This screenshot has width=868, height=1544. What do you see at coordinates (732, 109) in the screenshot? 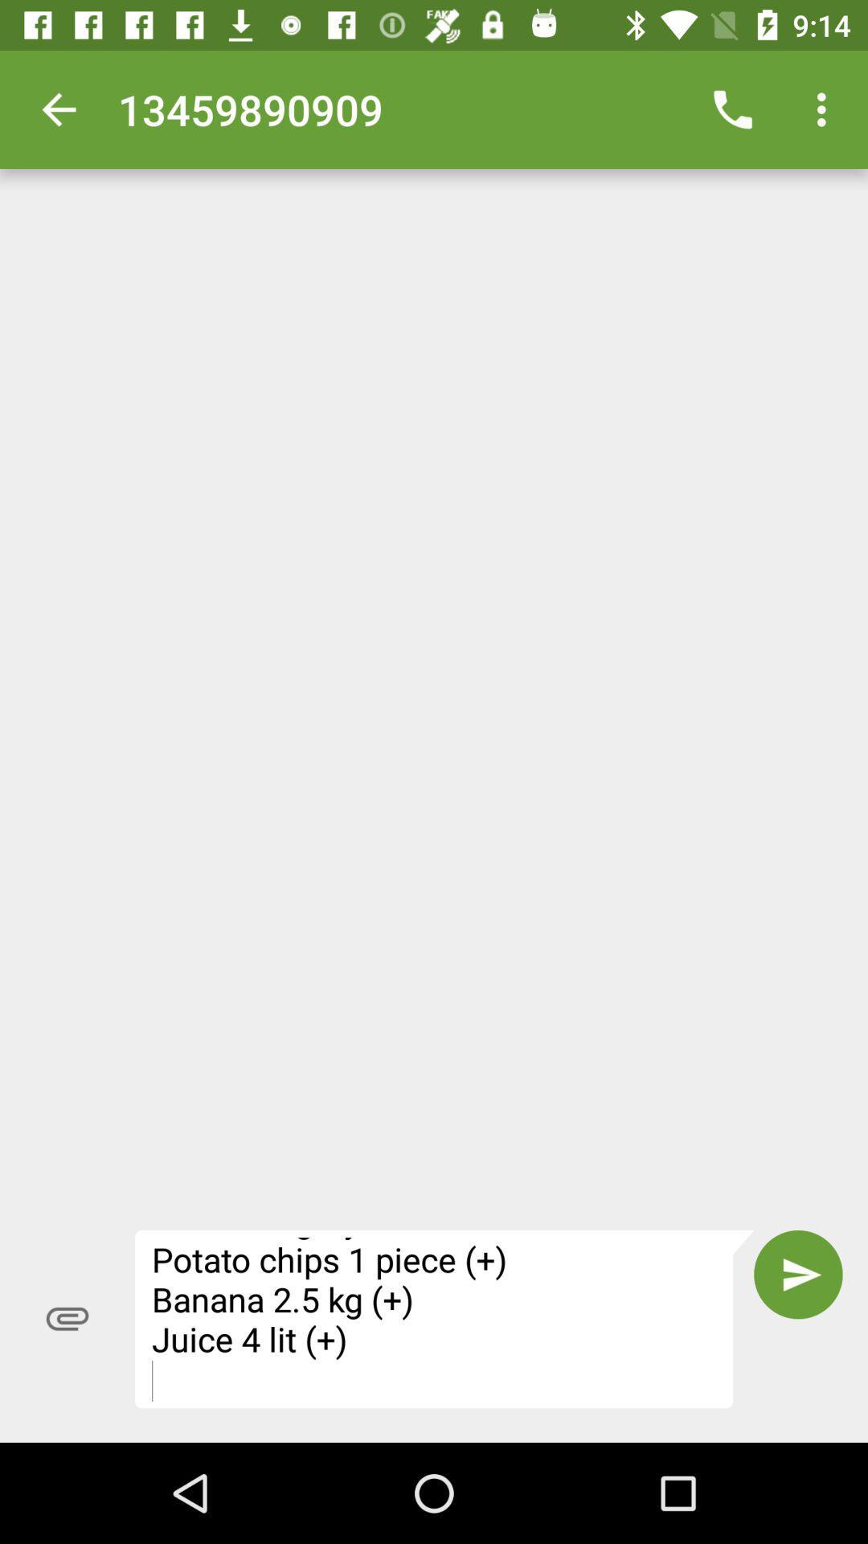
I see `icon to the right of 13459890909` at bounding box center [732, 109].